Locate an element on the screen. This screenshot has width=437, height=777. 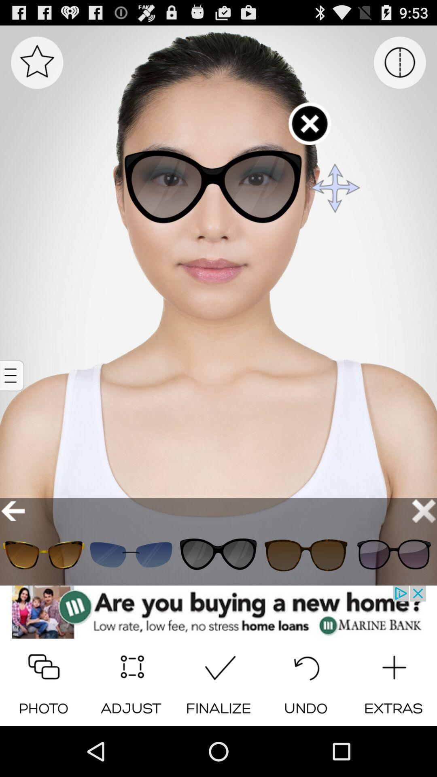
symmetry button is located at coordinates (399, 62).